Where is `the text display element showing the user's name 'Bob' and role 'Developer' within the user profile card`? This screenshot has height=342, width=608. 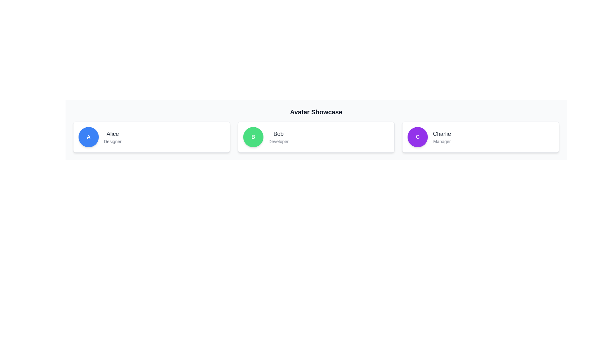
the text display element showing the user's name 'Bob' and role 'Developer' within the user profile card is located at coordinates (278, 136).